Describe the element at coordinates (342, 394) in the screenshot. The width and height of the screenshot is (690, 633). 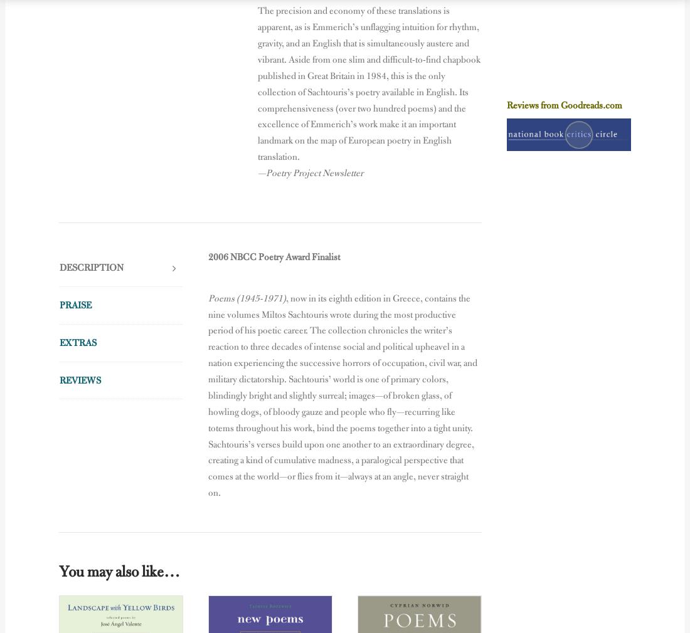
I see `', now in its eighth edition in Greece, contains the nine volumes Miltos Sachtouris wrote during the most productive period of his poetic career. The collection chronicles the writer’s reaction to three decades of intense social and political upheavel in a nation experiencing the successive horrors of occupation, civil war, and military dictatorship. Sachtouris’ world is one of primary colors, blindingly bright and slightly surreal; images—of broken glass, of howling dogs, of bloody gauze and people who fly—recurring like totems throughout his work, bind the poems together into a tight unity. Sachtouris’s verses build upon one another to an extraordinary degree, creating a kind of cumulative madness, a paralogical perspective that comes at the world—or flies from it—always at an angle, never straight on.'` at that location.